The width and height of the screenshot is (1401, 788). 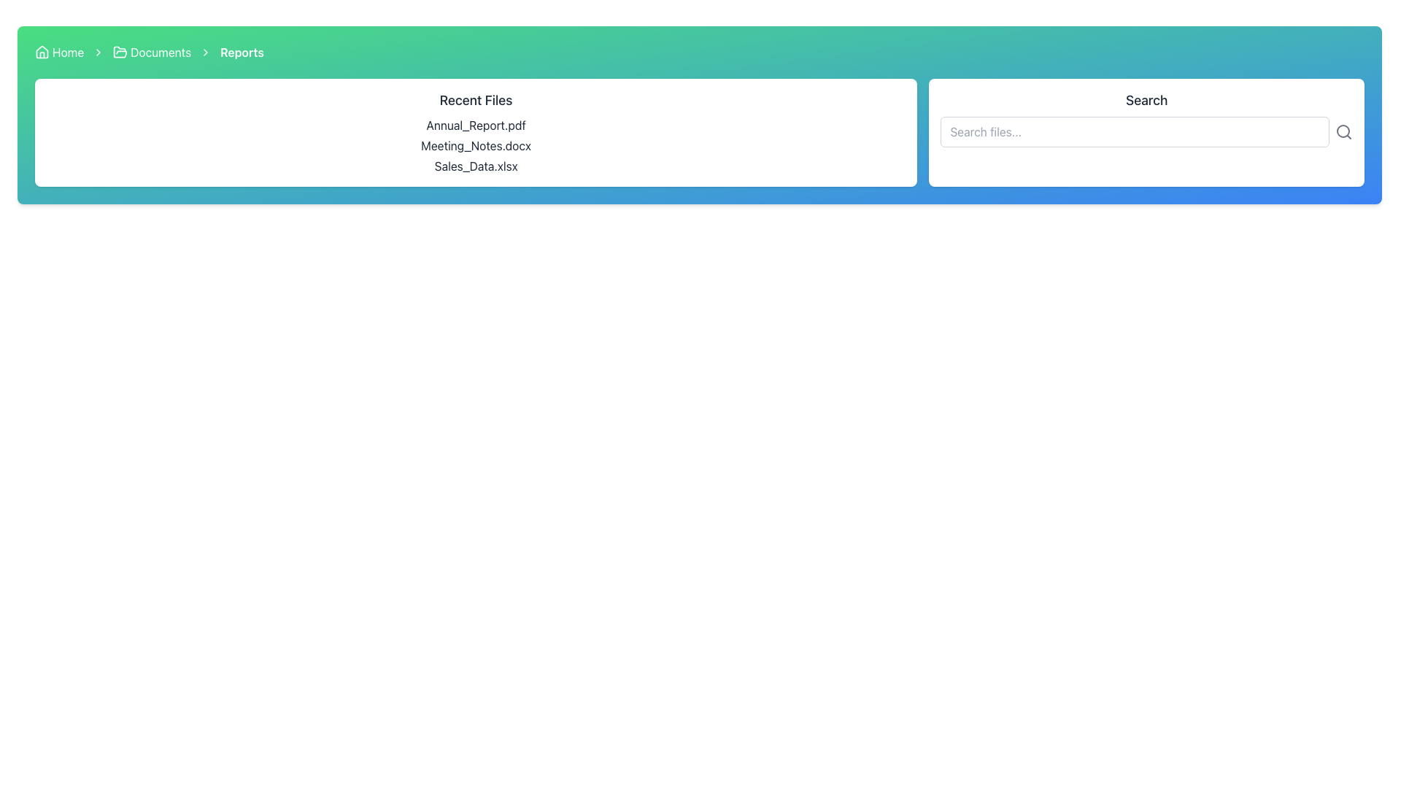 What do you see at coordinates (476, 100) in the screenshot?
I see `'Recent Files' text label, which serves as a header for the list of recent files displayed below it` at bounding box center [476, 100].